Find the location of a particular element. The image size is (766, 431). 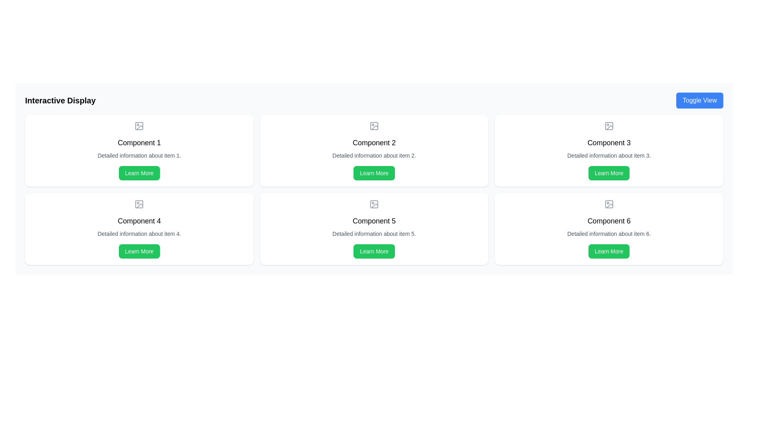

keyboard navigation is located at coordinates (373, 173).